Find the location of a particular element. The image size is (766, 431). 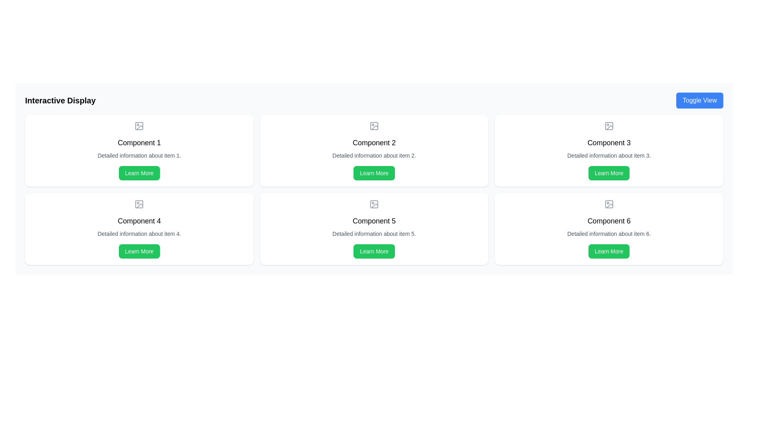

keyboard navigation is located at coordinates (373, 173).